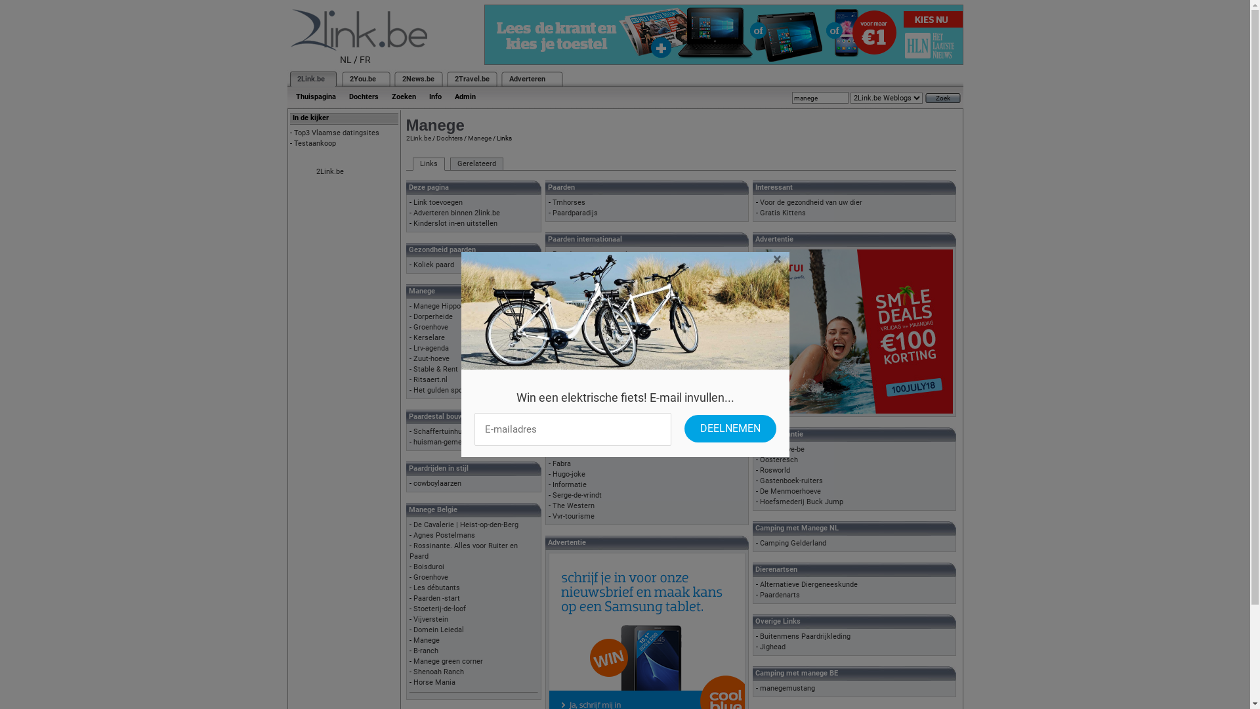  I want to click on 'Horsebox', so click(568, 359).